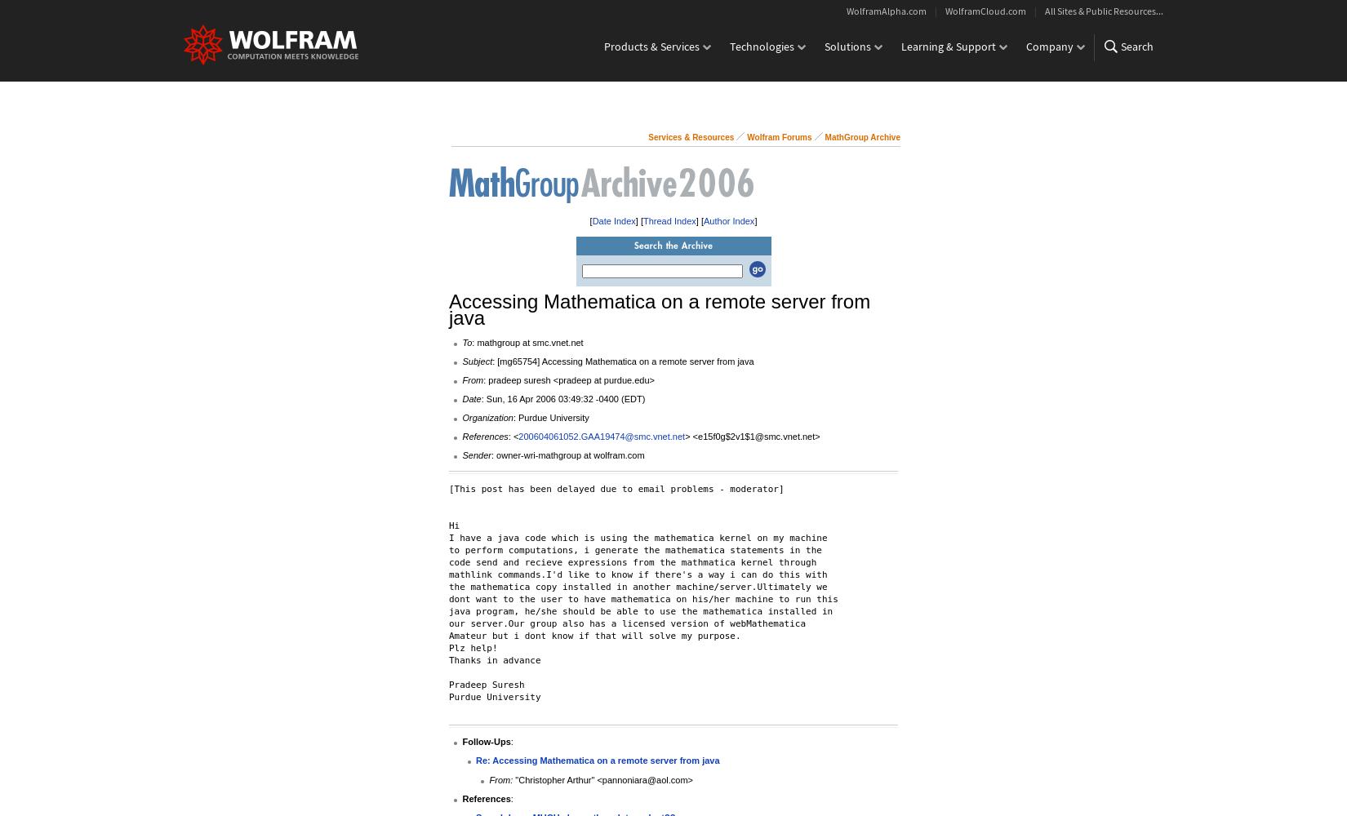 This screenshot has height=816, width=1347. What do you see at coordinates (460, 343) in the screenshot?
I see `'To'` at bounding box center [460, 343].